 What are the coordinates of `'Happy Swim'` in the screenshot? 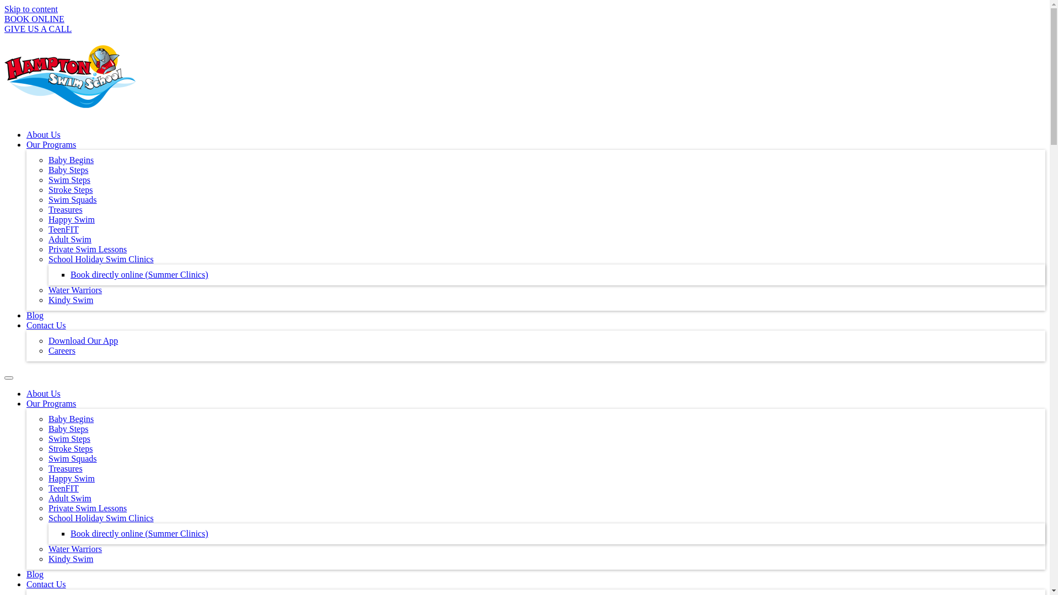 It's located at (71, 478).